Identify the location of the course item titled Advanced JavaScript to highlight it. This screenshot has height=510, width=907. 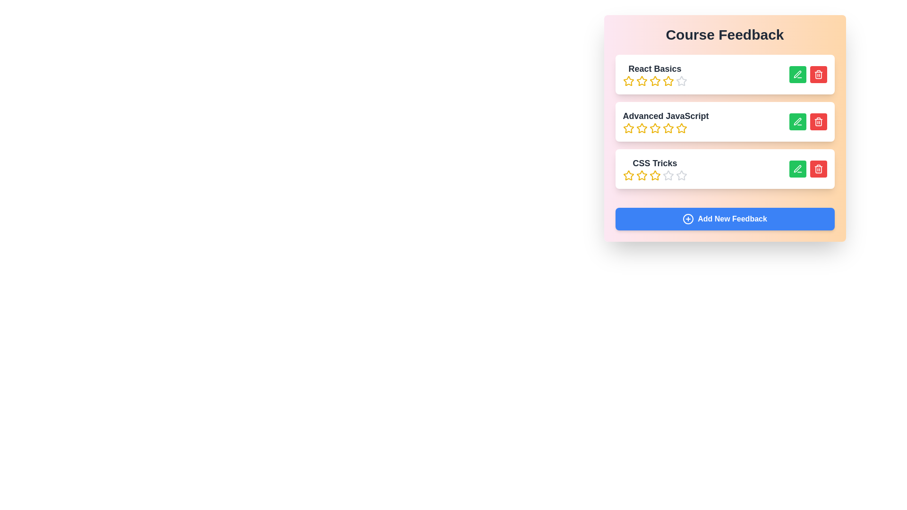
(724, 121).